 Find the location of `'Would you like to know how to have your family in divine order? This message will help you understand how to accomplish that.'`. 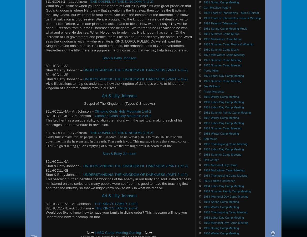

'Would you like to know how to have your family in divine order? This message will help you understand how to accomplish that.' is located at coordinates (116, 214).